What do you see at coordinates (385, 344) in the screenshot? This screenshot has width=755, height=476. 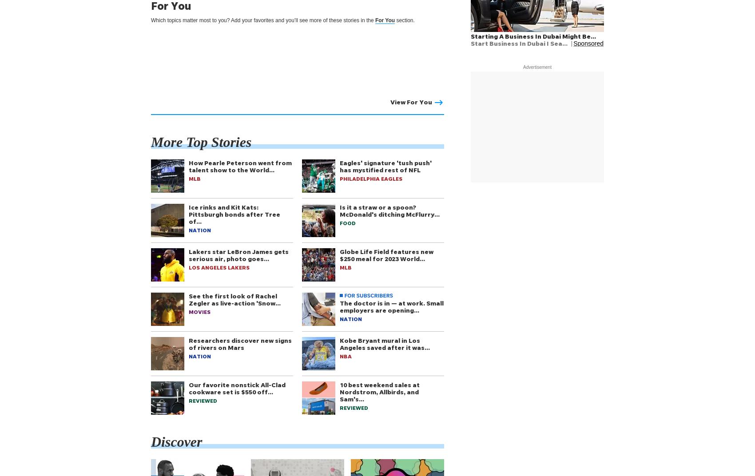 I see `'Kobe Bryant mural in Los Angeles saved after it was…'` at bounding box center [385, 344].